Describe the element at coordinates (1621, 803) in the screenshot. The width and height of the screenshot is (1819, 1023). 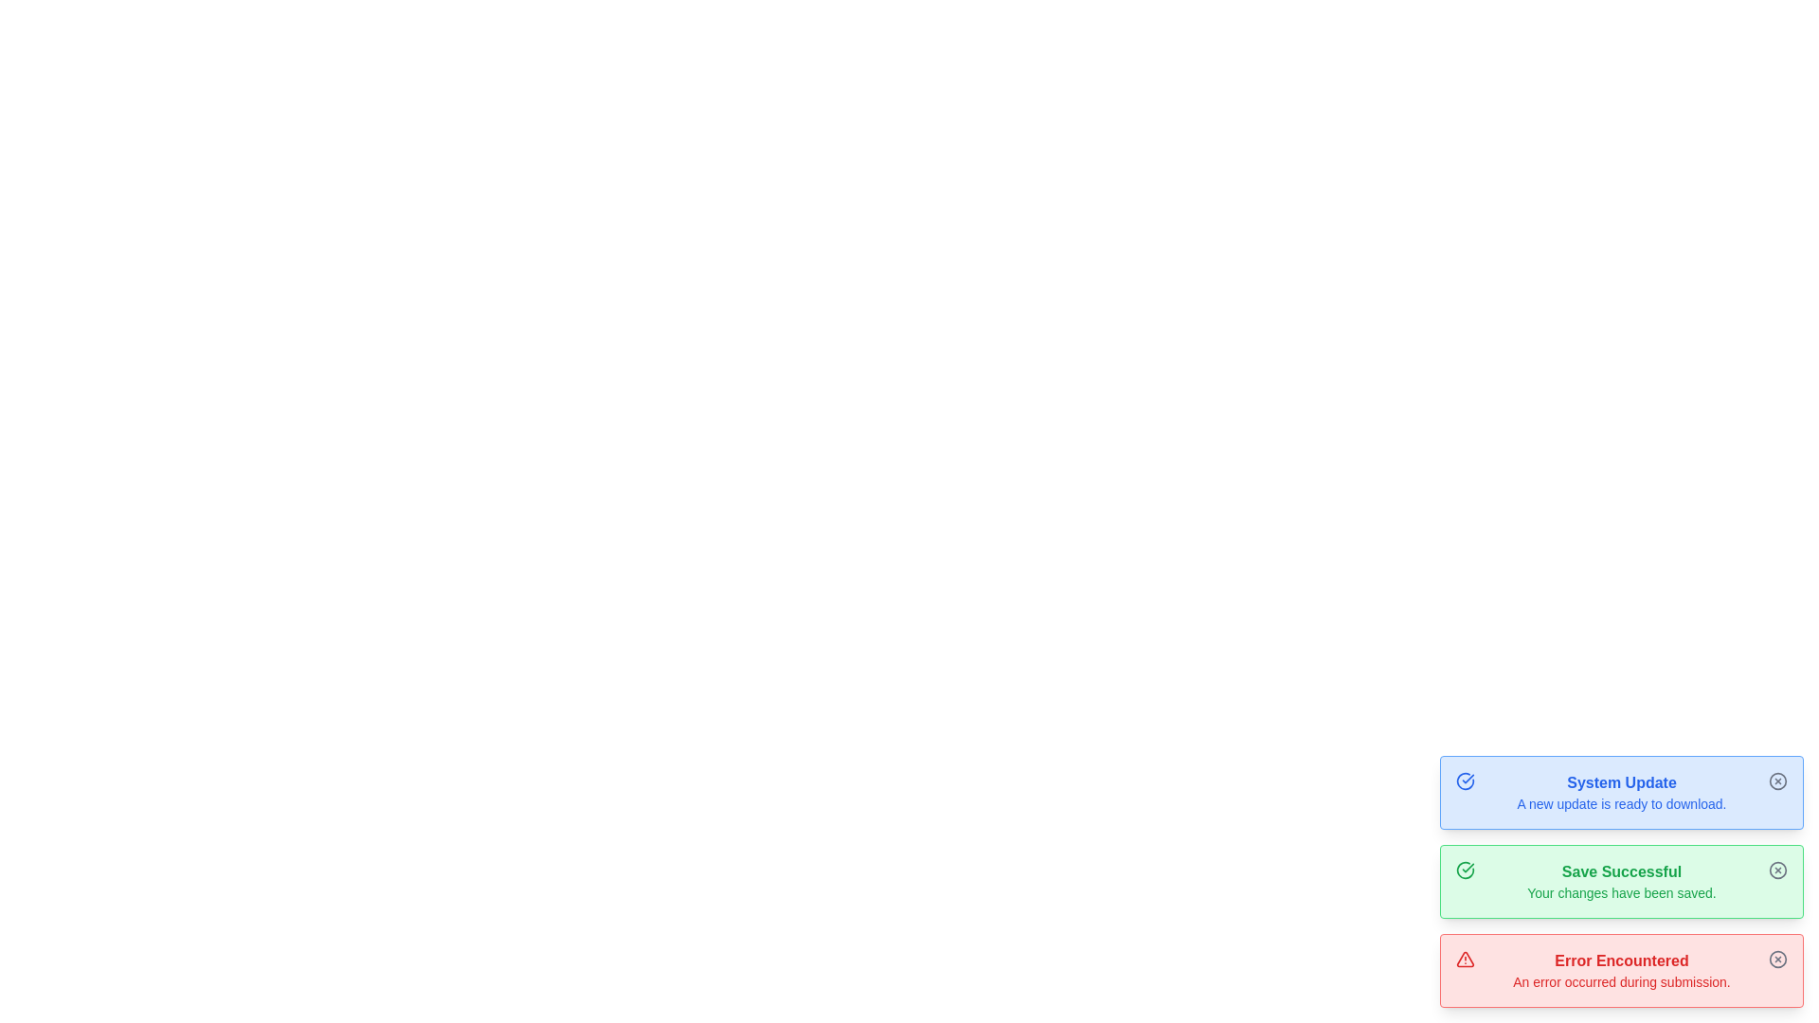
I see `the text element that reads 'A new update is ready to download.' which is styled with a light blue background and positioned below 'System Update'` at that location.